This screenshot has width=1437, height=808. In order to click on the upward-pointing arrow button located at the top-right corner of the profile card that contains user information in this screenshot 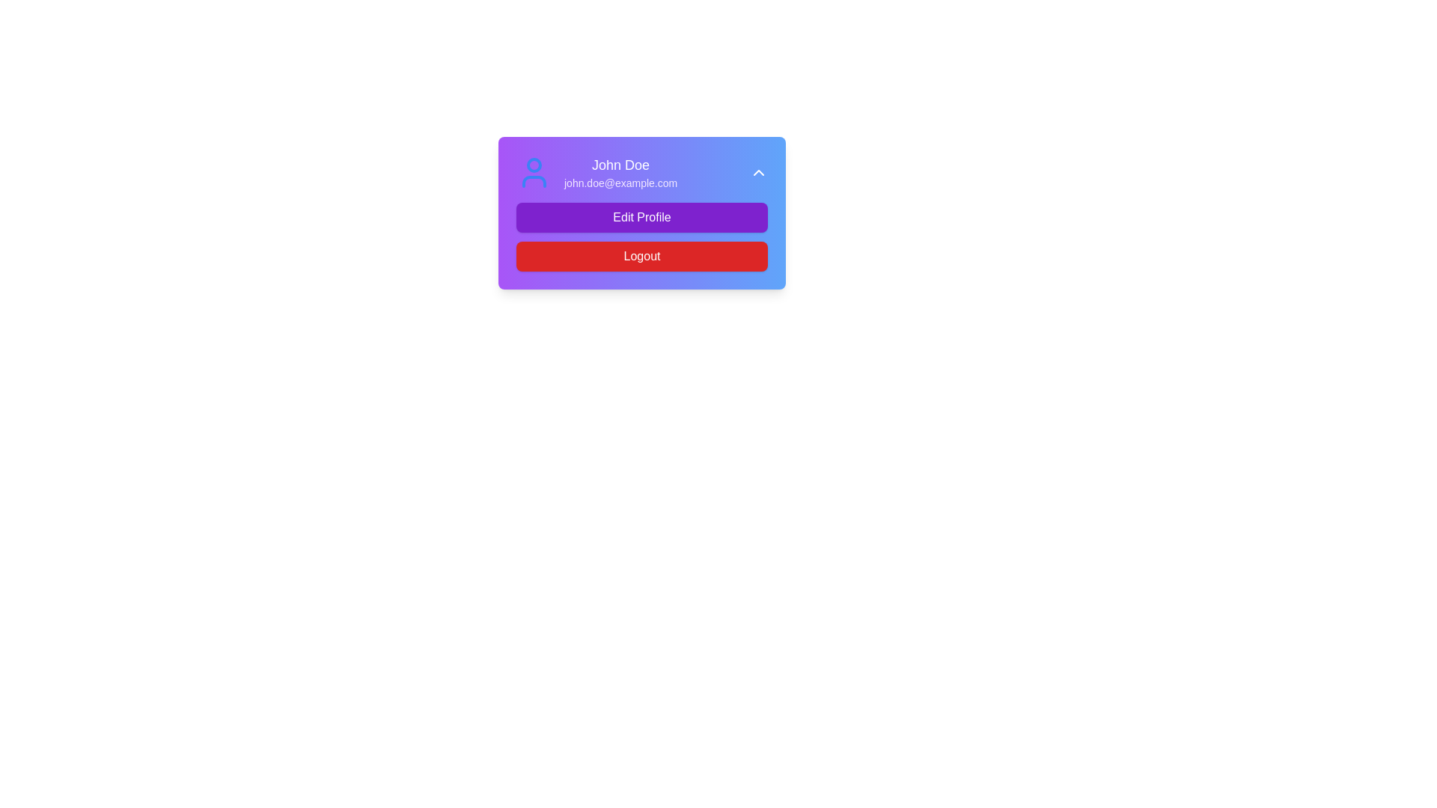, I will do `click(758, 172)`.